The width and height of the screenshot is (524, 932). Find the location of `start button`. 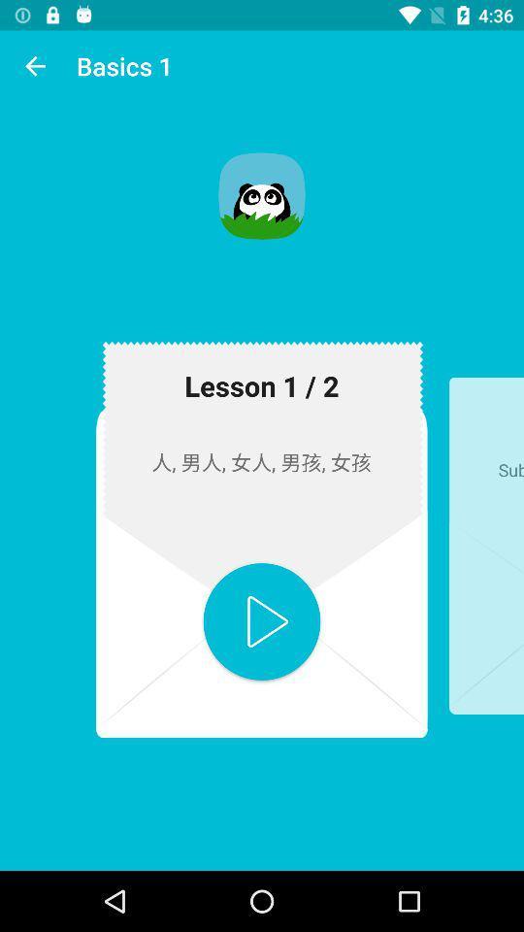

start button is located at coordinates (262, 620).